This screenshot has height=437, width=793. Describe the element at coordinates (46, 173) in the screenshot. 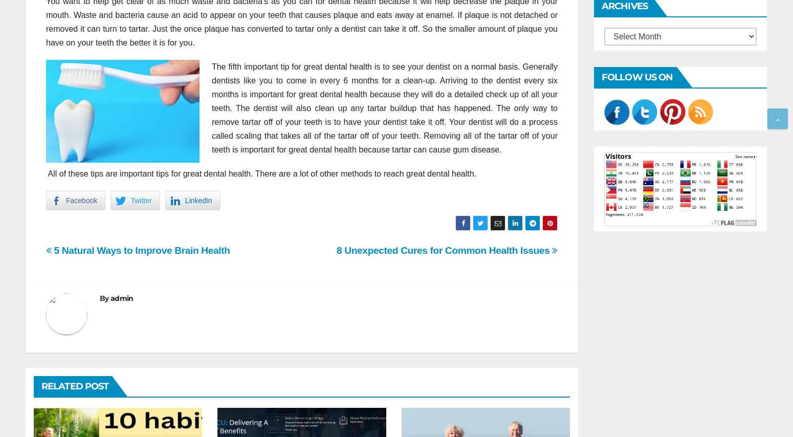

I see `'All of these tips are important tips for great dental health. There are a lot of other methods to reach great dental health.'` at that location.